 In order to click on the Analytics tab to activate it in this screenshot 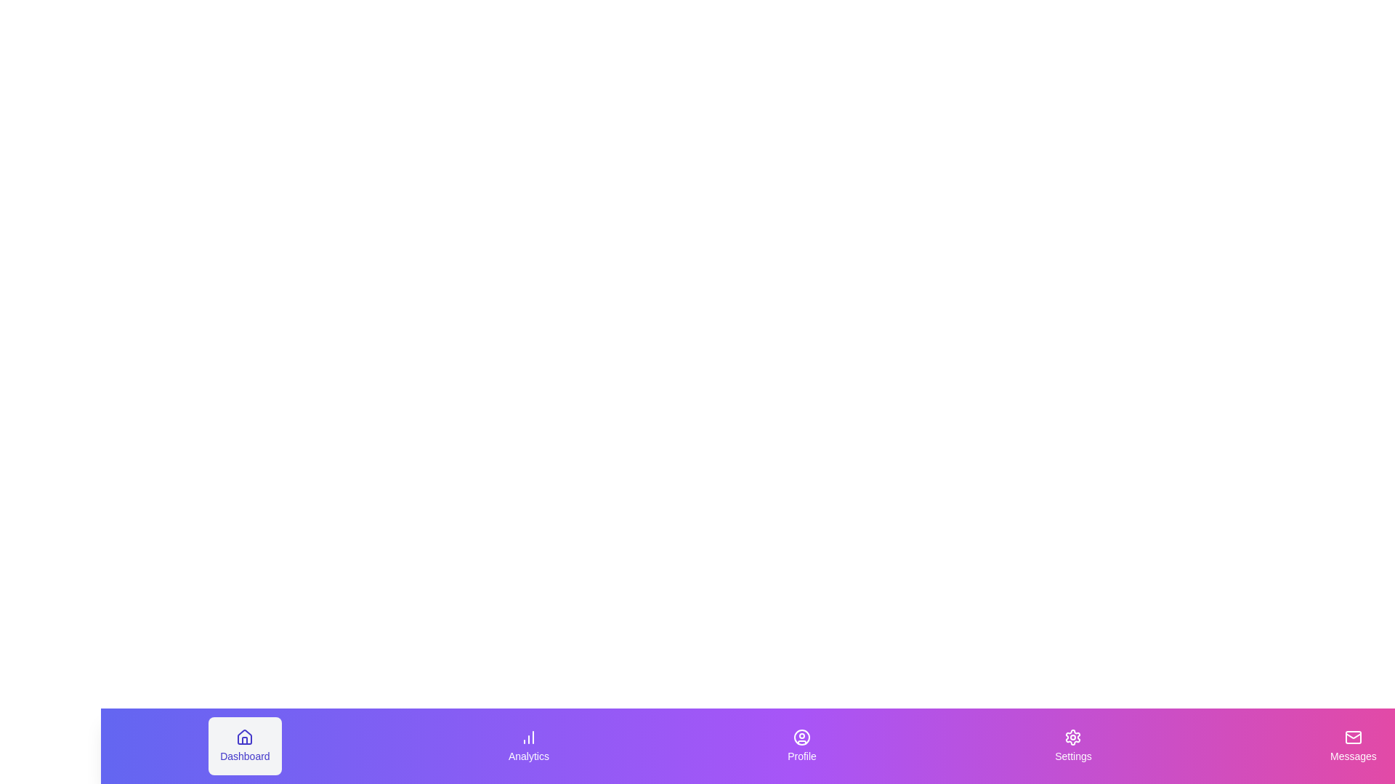, I will do `click(527, 746)`.